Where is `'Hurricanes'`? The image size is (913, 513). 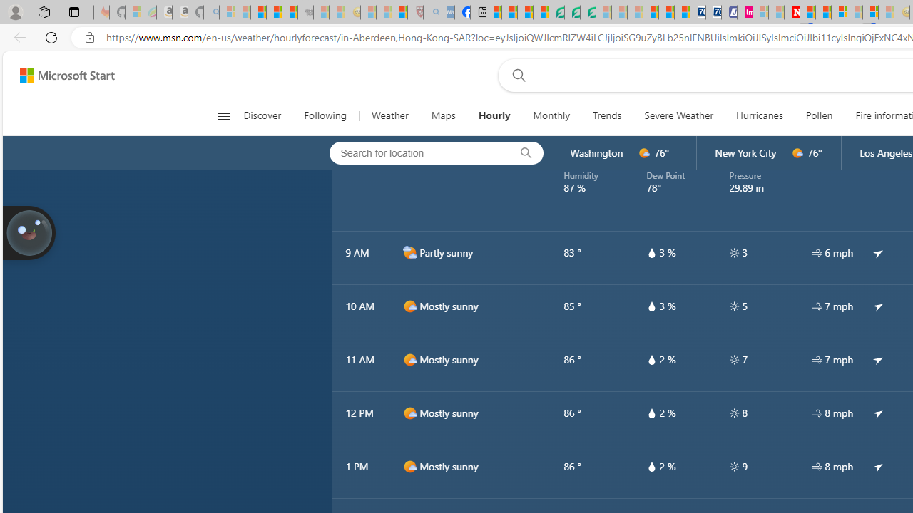 'Hurricanes' is located at coordinates (758, 115).